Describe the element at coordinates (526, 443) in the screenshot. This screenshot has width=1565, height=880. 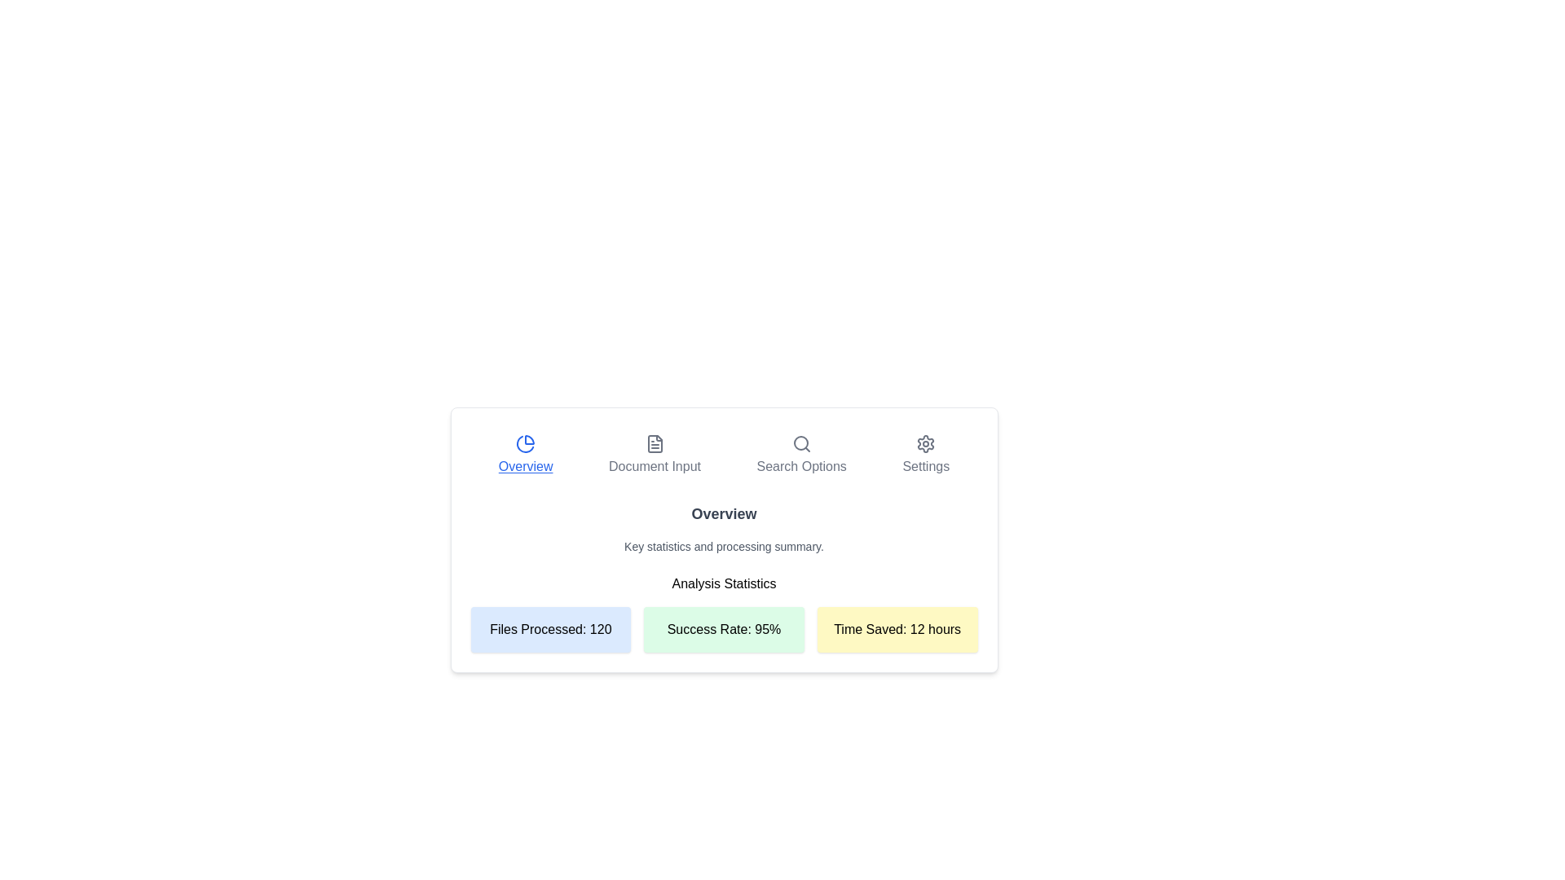
I see `the pie chart icon located within the 'Overview' button in the top-left area of the card` at that location.